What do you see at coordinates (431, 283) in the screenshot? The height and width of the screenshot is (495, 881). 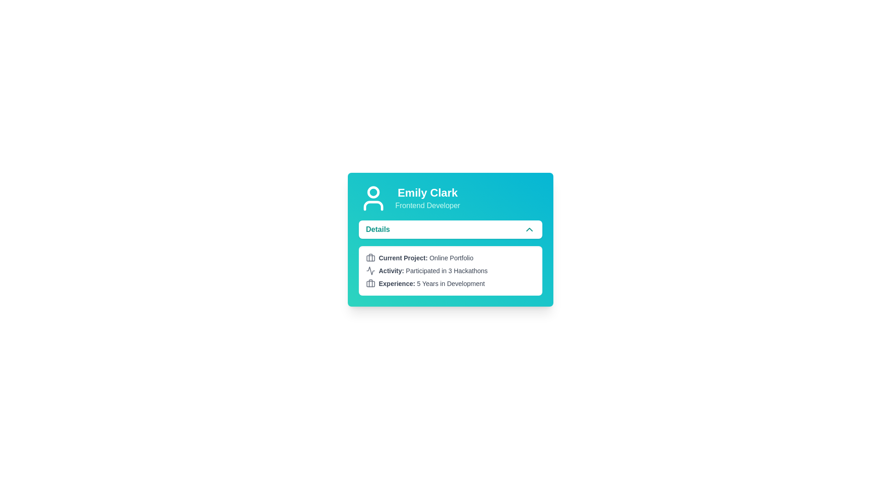 I see `the static informational Text Label that provides details about the user's experience level, located beneath the 'Activity: Participated in 3 Hackathons' text and to the right of the briefcase icon` at bounding box center [431, 283].